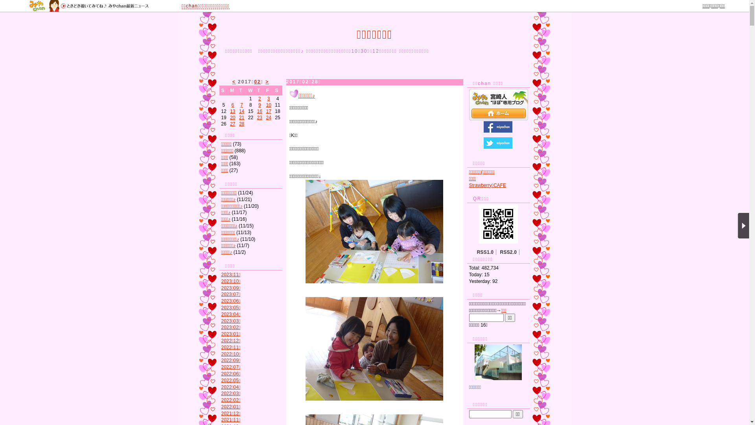  Describe the element at coordinates (232, 118) in the screenshot. I see `'20'` at that location.